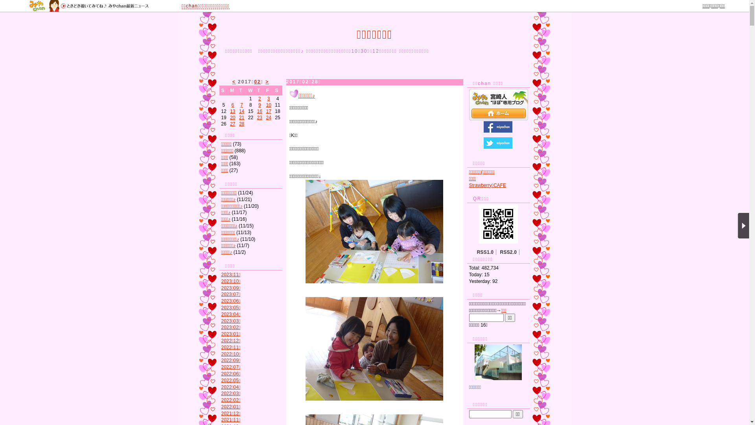  Describe the element at coordinates (232, 118) in the screenshot. I see `'20'` at that location.